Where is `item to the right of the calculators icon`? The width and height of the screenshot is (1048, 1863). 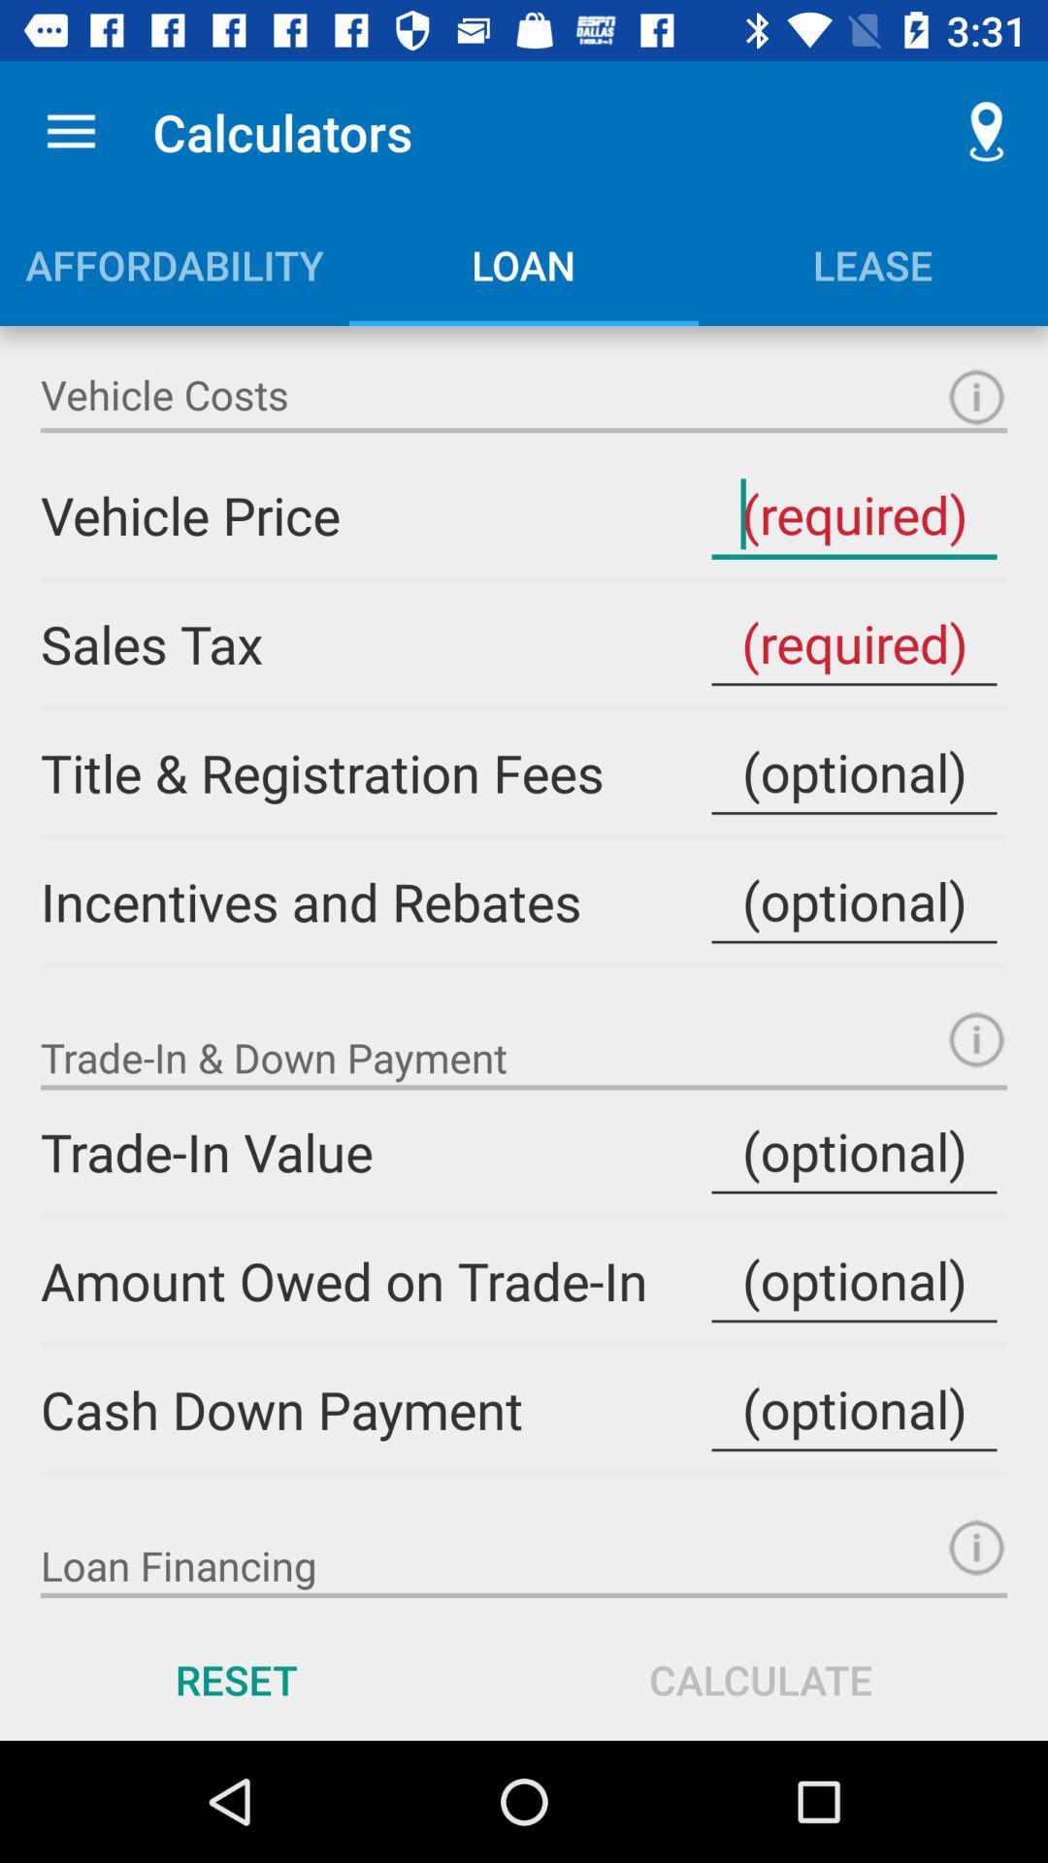
item to the right of the calculators icon is located at coordinates (987, 131).